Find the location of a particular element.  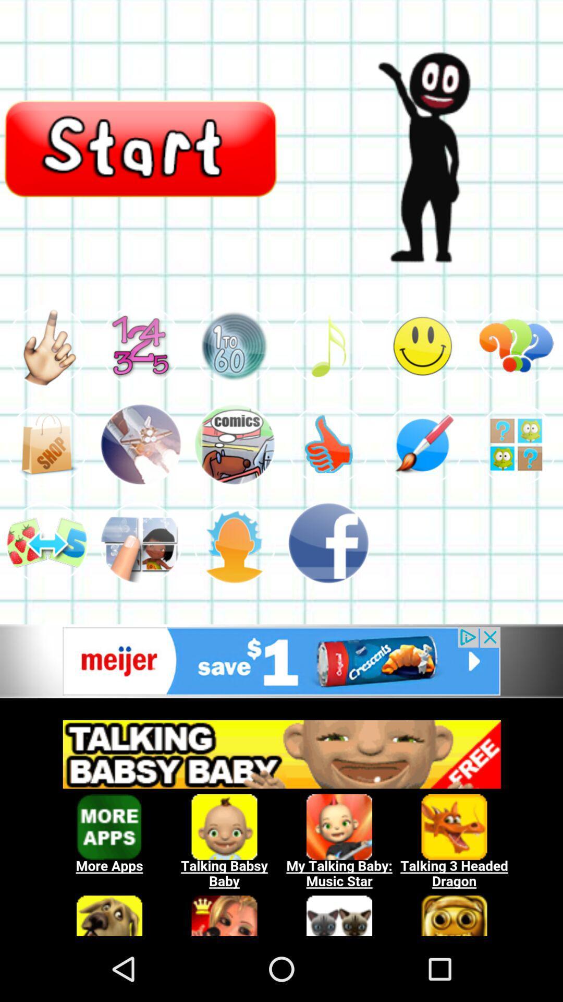

painting activity is located at coordinates (422, 444).